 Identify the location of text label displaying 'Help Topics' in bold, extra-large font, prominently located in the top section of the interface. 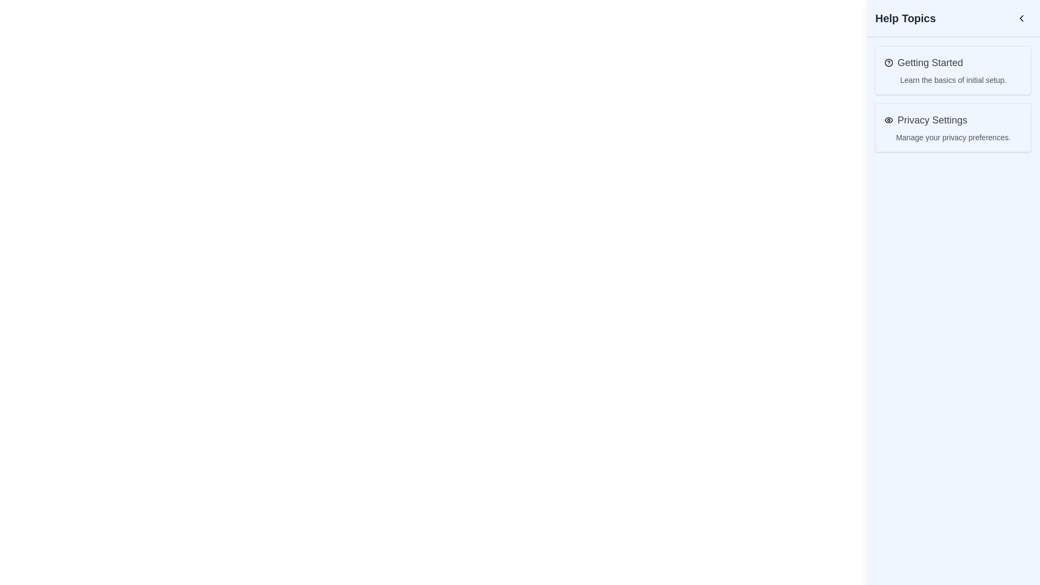
(905, 18).